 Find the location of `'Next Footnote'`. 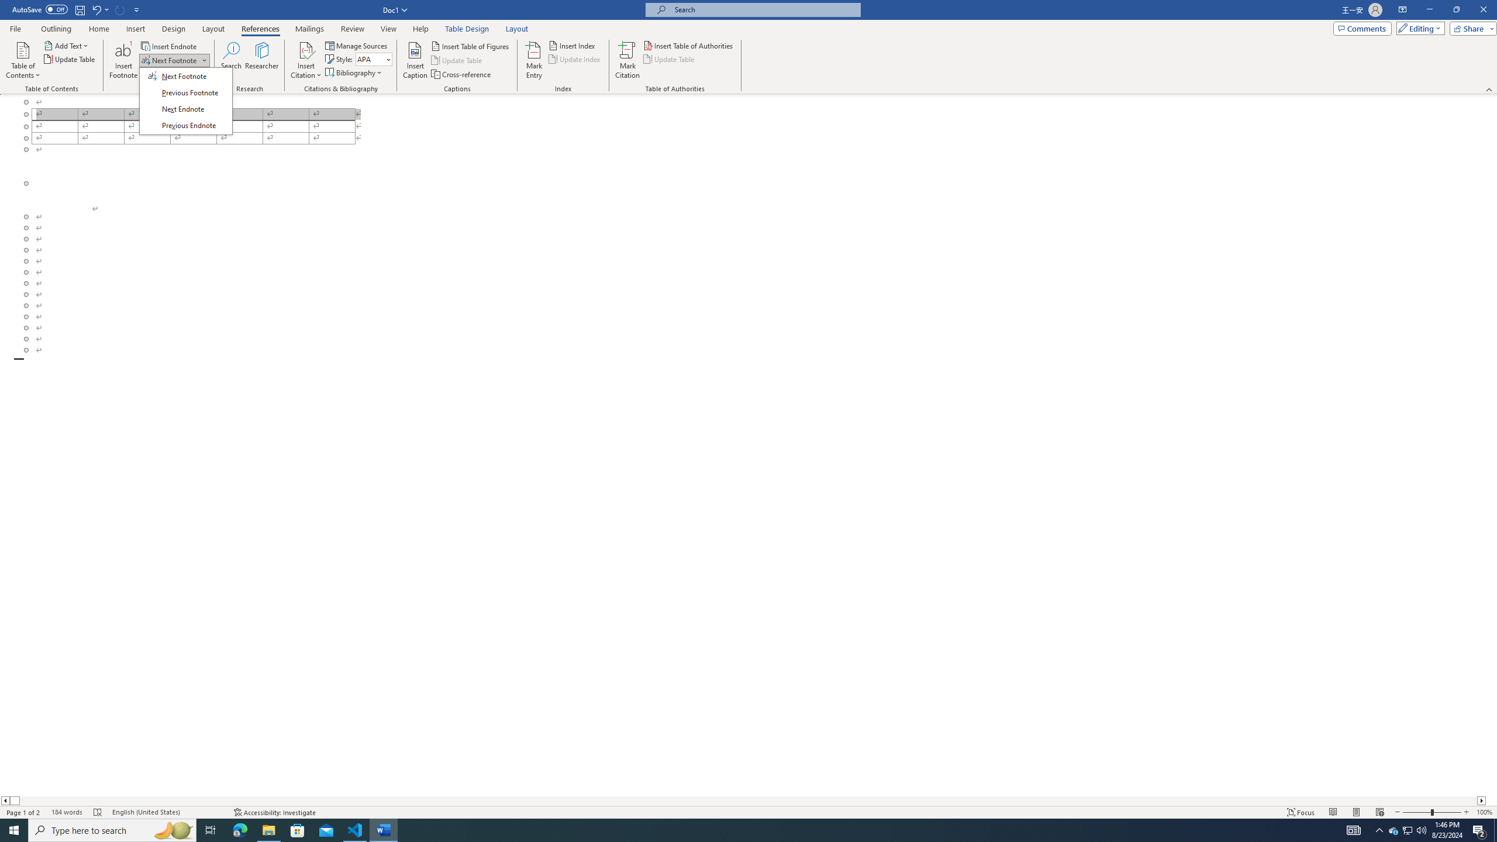

'Next Footnote' is located at coordinates (174, 60).